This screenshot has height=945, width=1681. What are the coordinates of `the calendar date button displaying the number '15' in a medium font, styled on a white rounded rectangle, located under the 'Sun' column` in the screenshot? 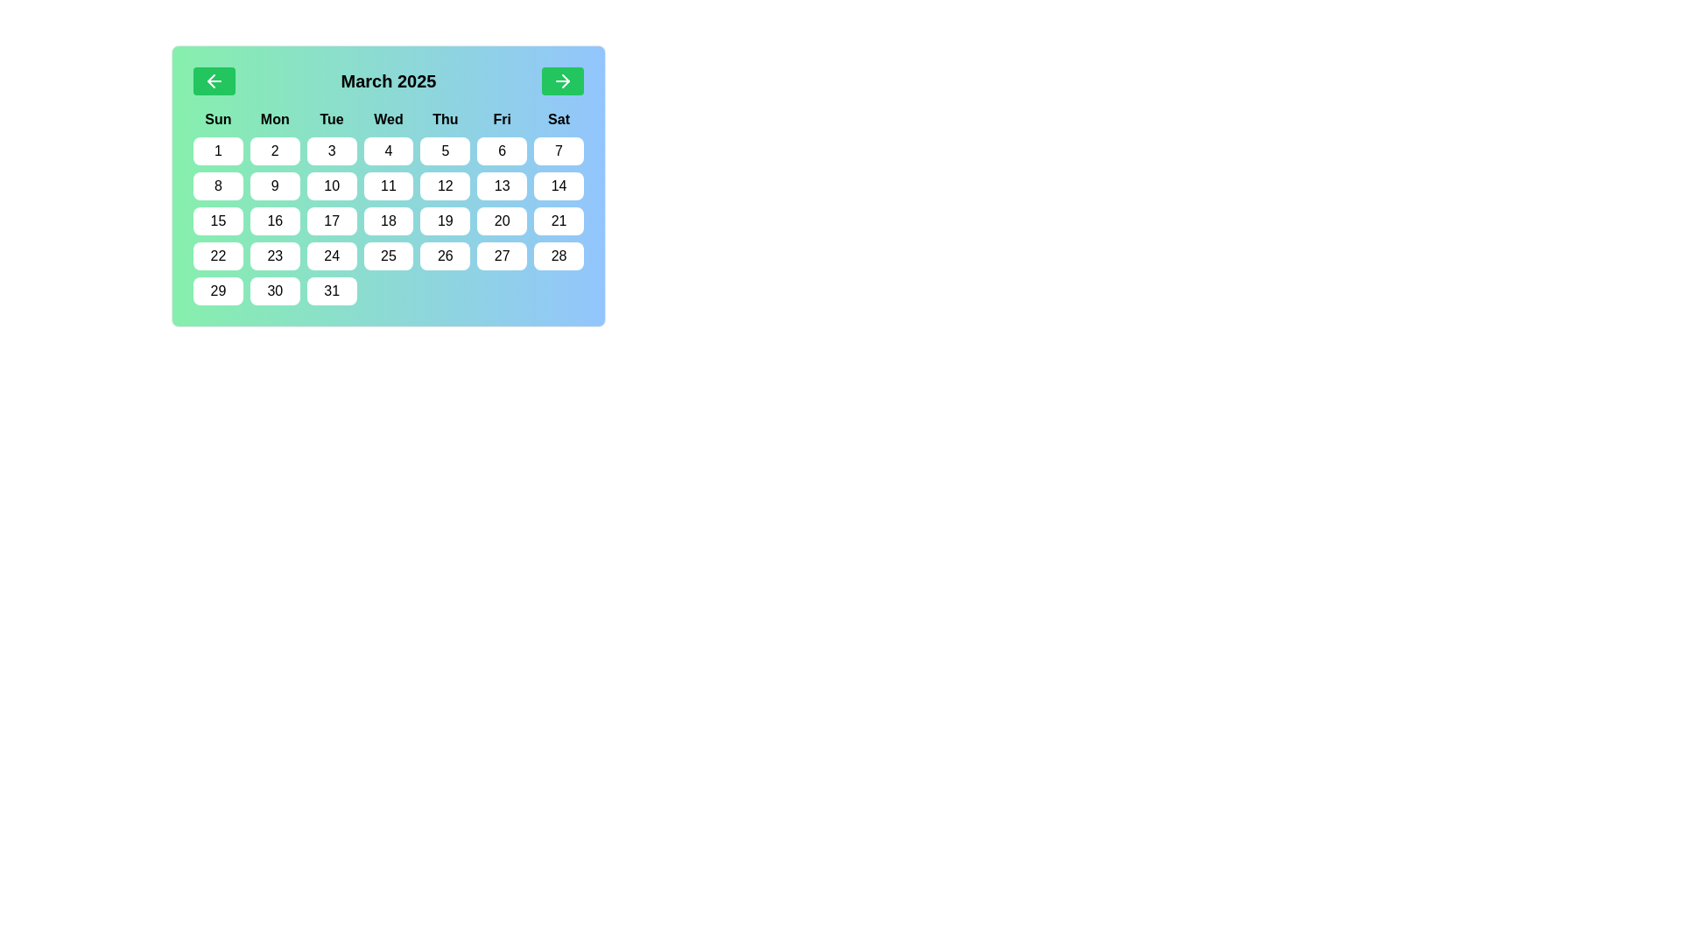 It's located at (217, 220).